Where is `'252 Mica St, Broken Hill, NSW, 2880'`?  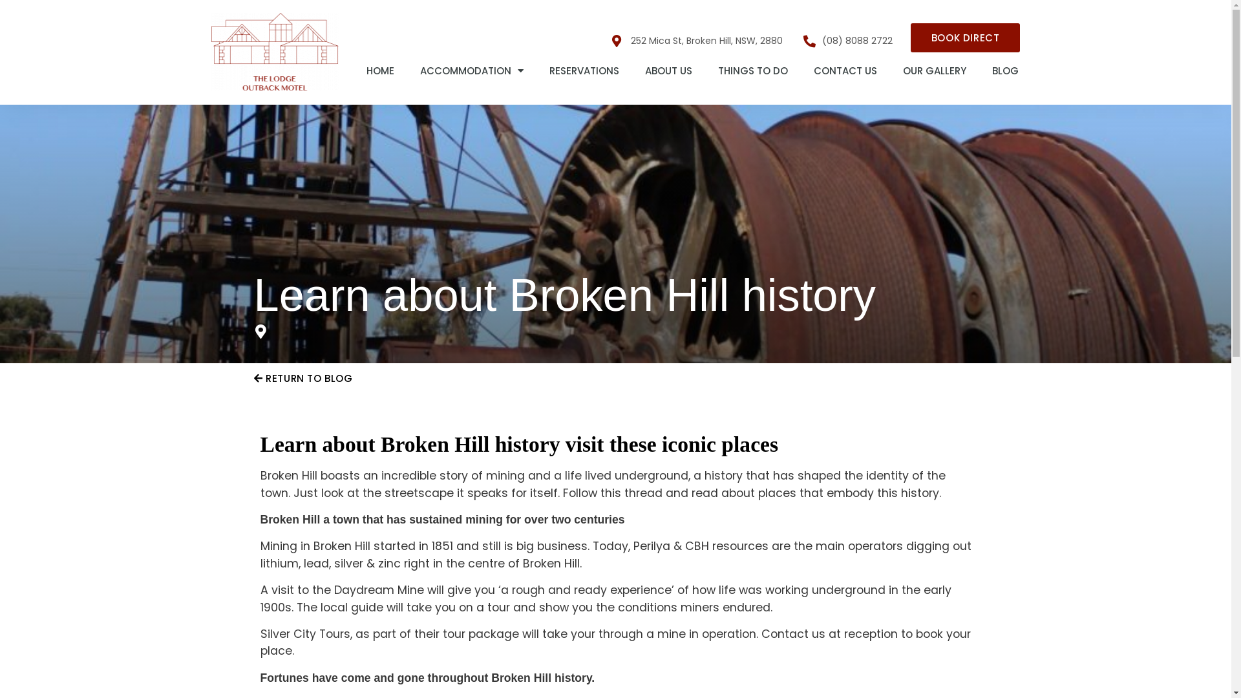 '252 Mica St, Broken Hill, NSW, 2880' is located at coordinates (697, 39).